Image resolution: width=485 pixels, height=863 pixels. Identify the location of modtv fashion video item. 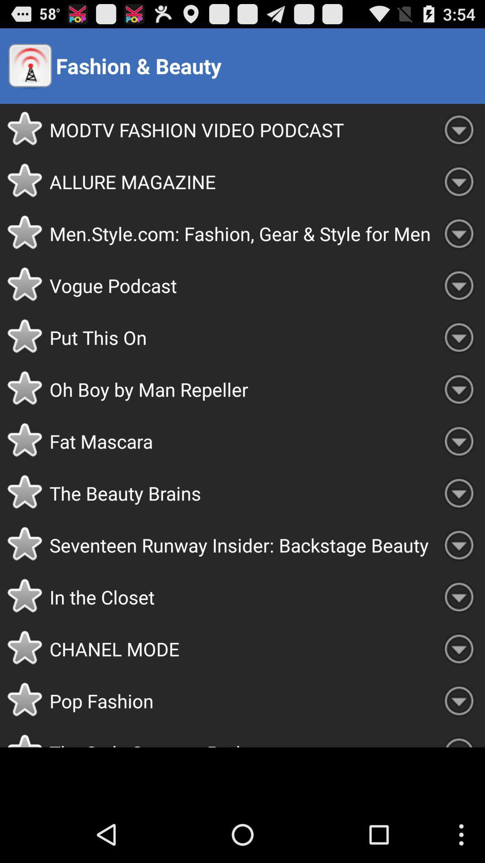
(241, 129).